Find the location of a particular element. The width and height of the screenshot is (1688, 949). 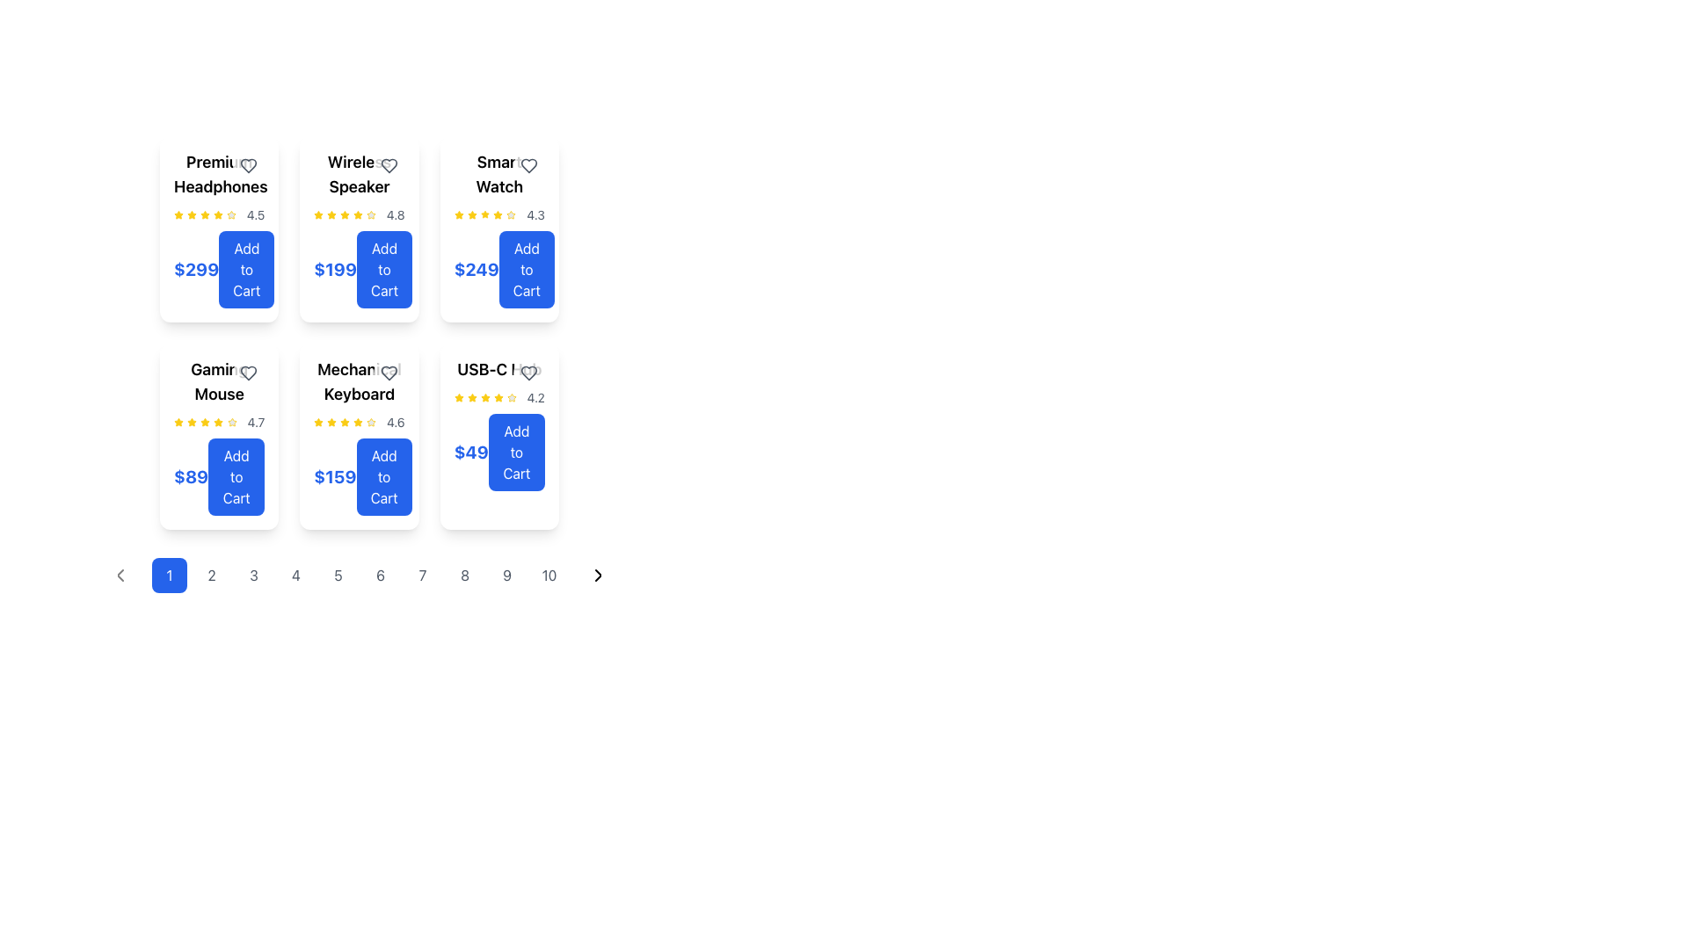

the star rating icon representing the product rating for the 'Gaming Mouse', which is positioned above the price and below the product name is located at coordinates (178, 422).